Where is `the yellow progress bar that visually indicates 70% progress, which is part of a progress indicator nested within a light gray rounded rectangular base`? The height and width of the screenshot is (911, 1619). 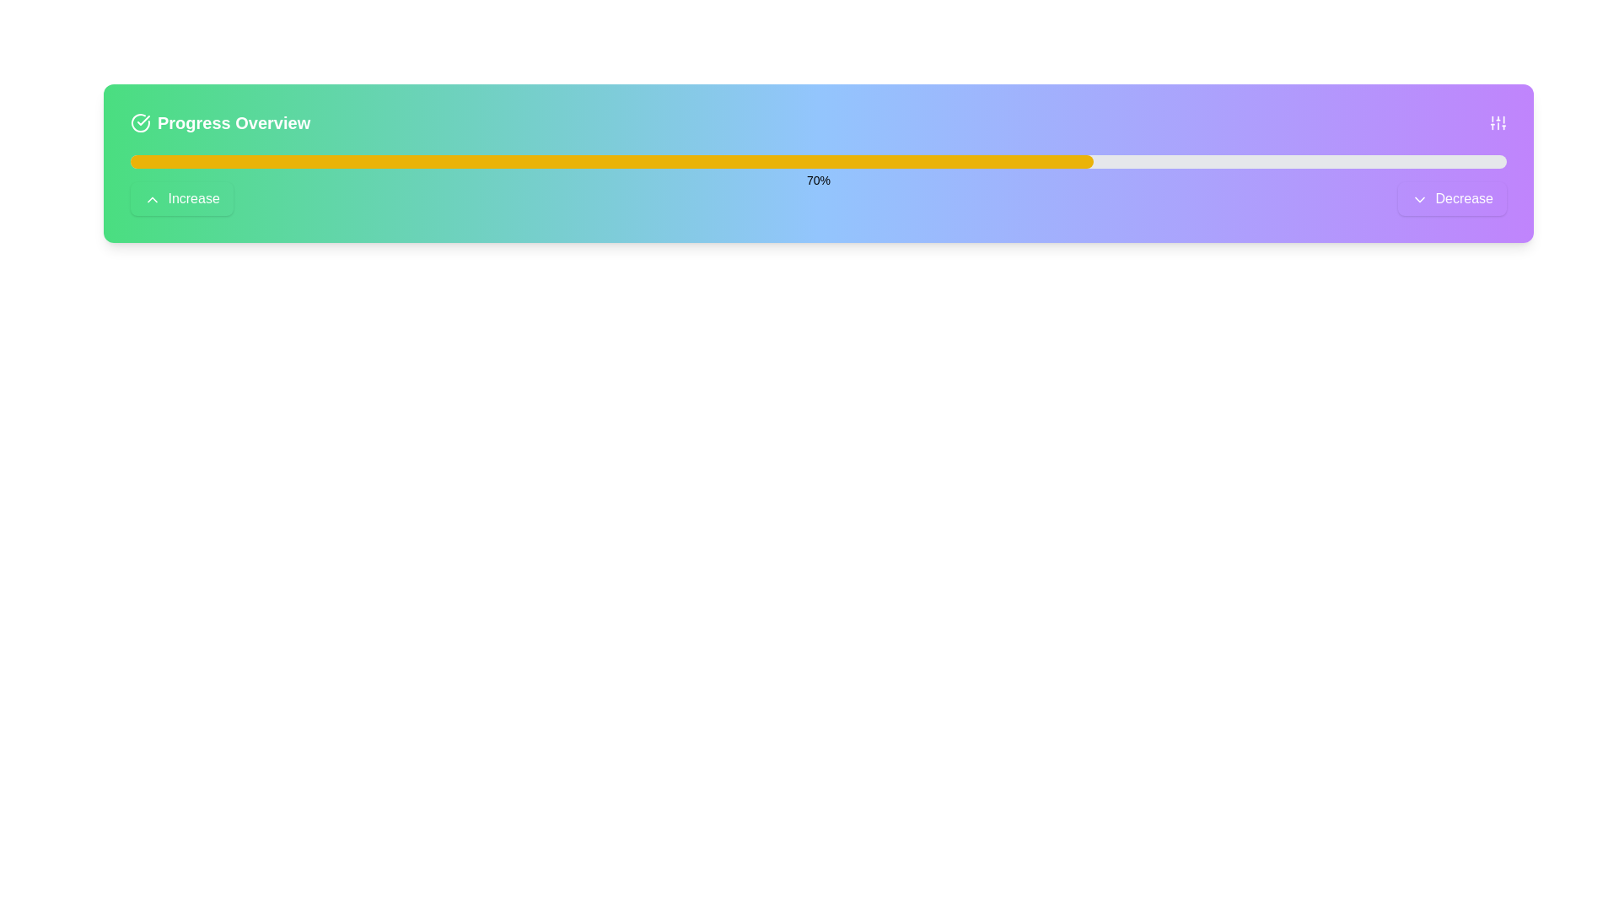
the yellow progress bar that visually indicates 70% progress, which is part of a progress indicator nested within a light gray rounded rectangular base is located at coordinates (611, 162).